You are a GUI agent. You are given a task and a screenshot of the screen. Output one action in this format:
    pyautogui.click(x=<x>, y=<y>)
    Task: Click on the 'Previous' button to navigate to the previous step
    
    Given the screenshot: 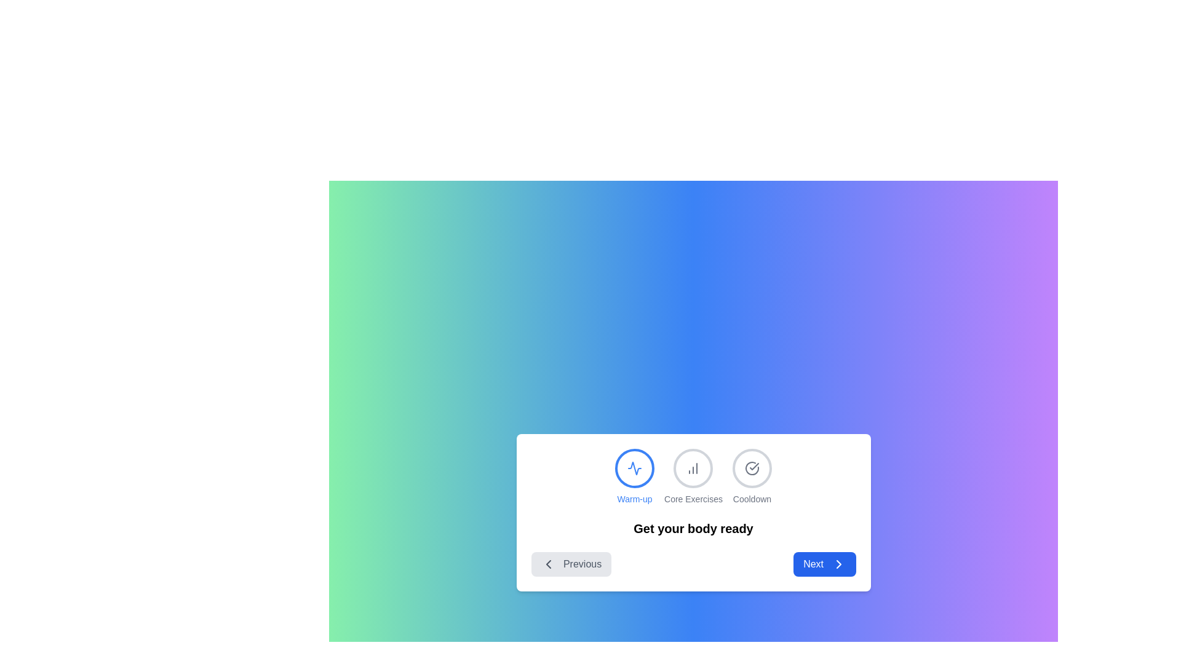 What is the action you would take?
    pyautogui.click(x=570, y=564)
    